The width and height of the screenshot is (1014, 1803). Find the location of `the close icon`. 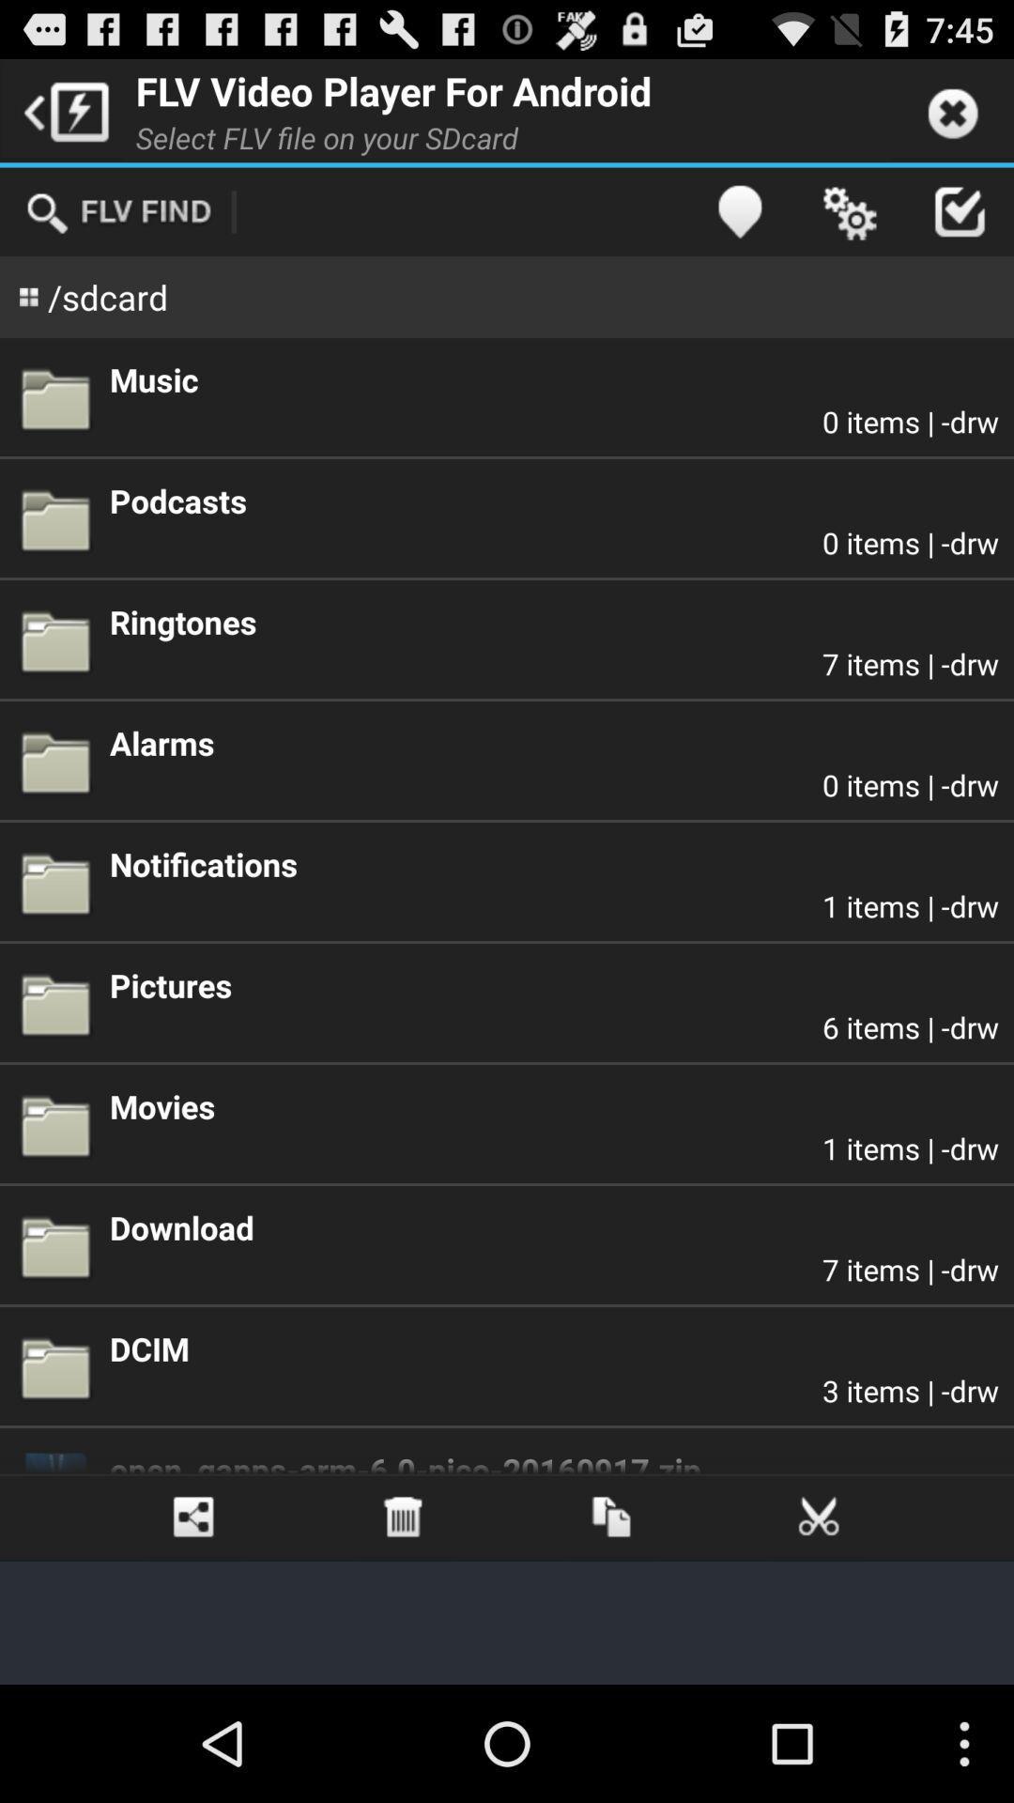

the close icon is located at coordinates (818, 1623).